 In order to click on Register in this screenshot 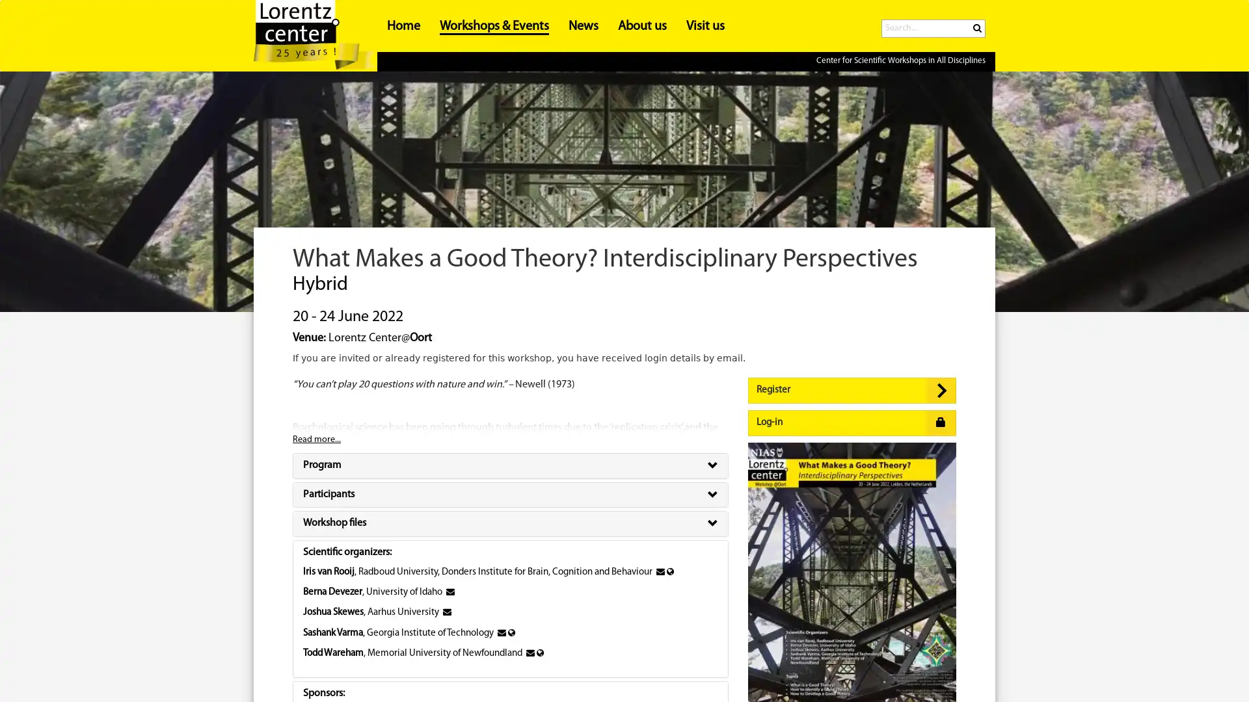, I will do `click(852, 390)`.